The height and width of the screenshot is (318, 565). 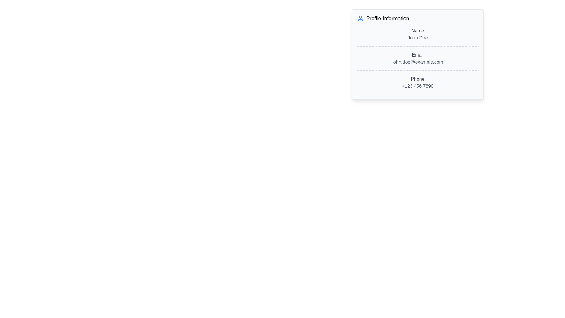 What do you see at coordinates (417, 83) in the screenshot?
I see `the 'Phone' text display component, which is located in the 'Profile Information' block and shows the phone number '+123 456 7890'` at bounding box center [417, 83].